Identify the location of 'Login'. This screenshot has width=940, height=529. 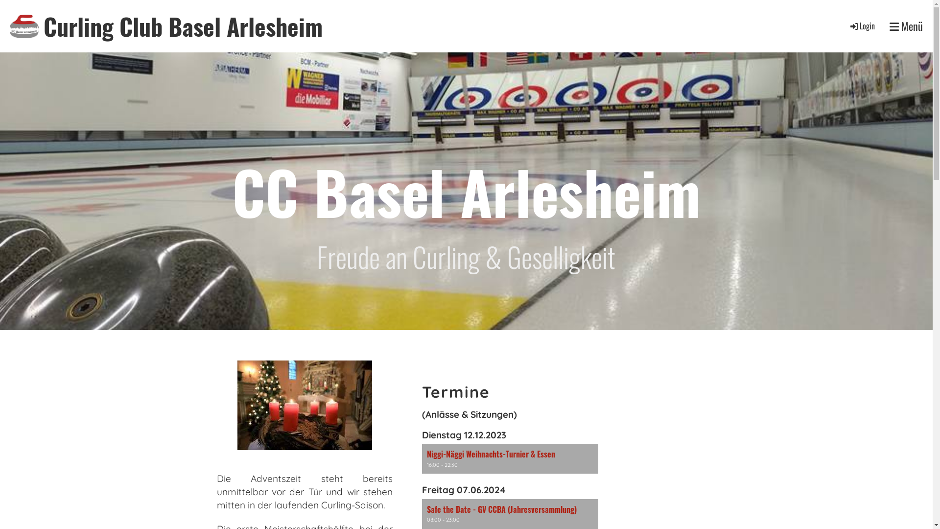
(862, 25).